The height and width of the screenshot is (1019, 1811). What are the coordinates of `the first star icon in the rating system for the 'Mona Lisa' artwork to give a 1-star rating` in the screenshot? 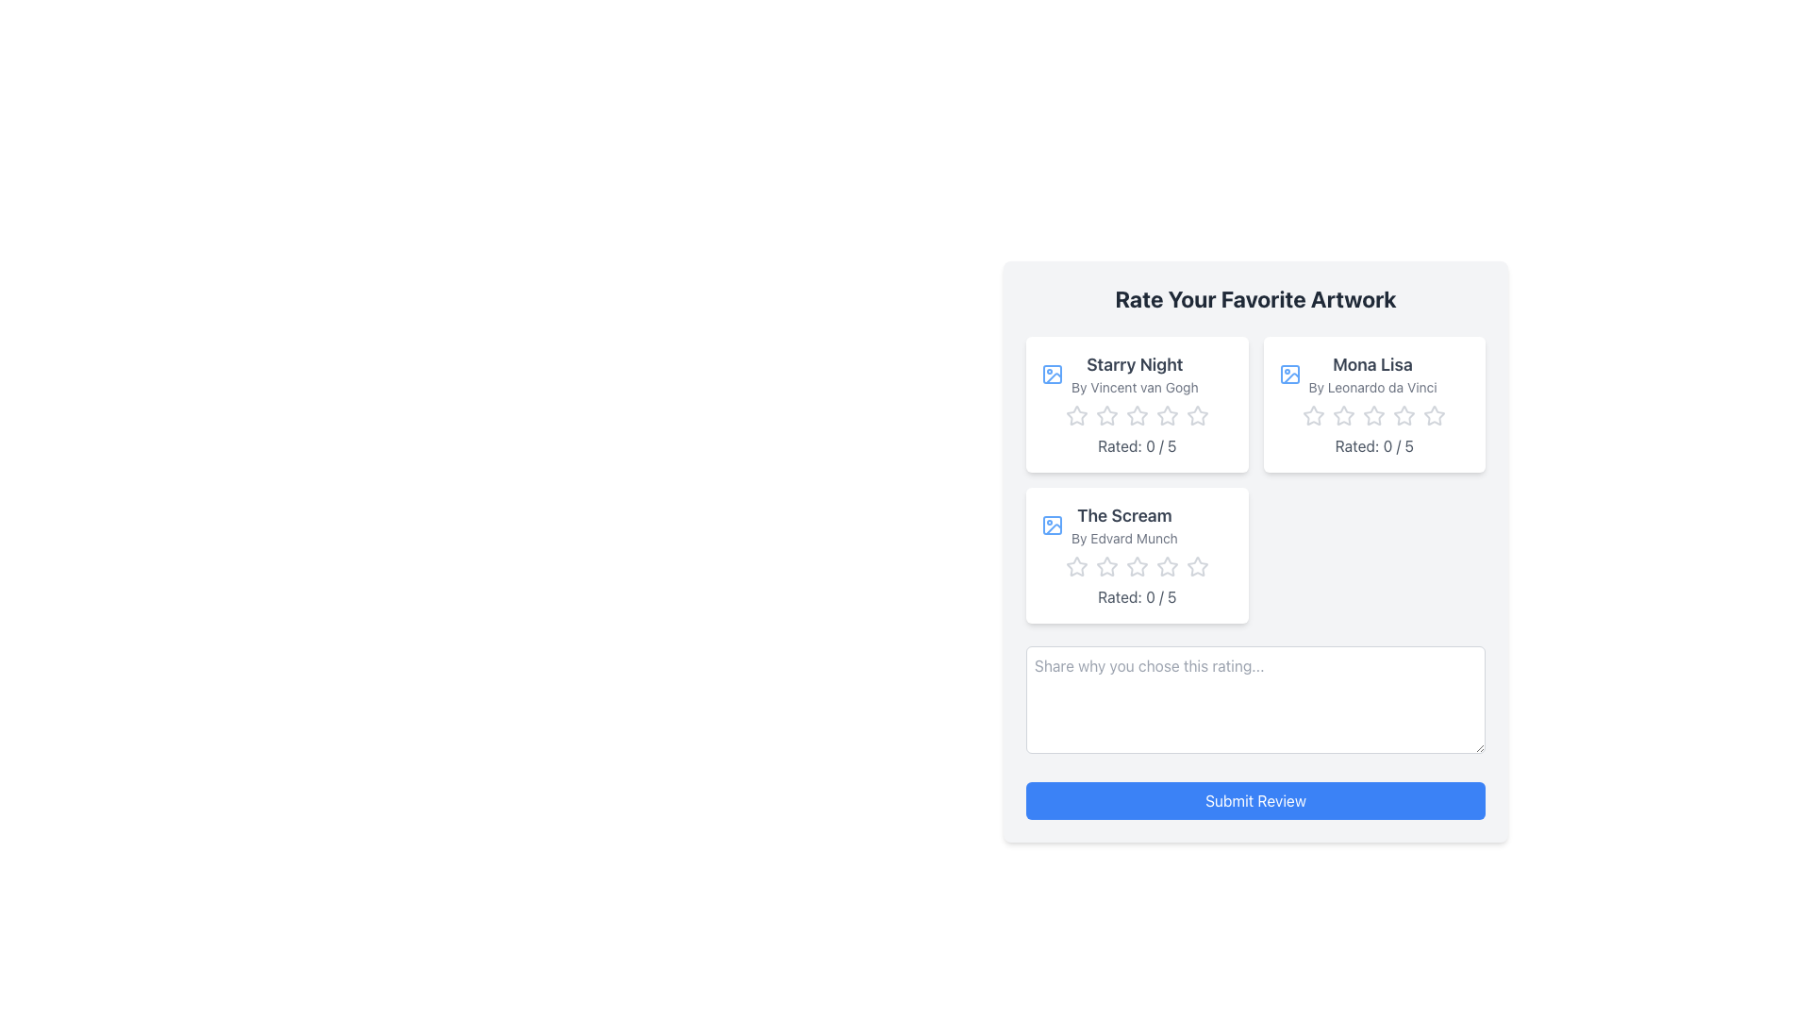 It's located at (1343, 414).